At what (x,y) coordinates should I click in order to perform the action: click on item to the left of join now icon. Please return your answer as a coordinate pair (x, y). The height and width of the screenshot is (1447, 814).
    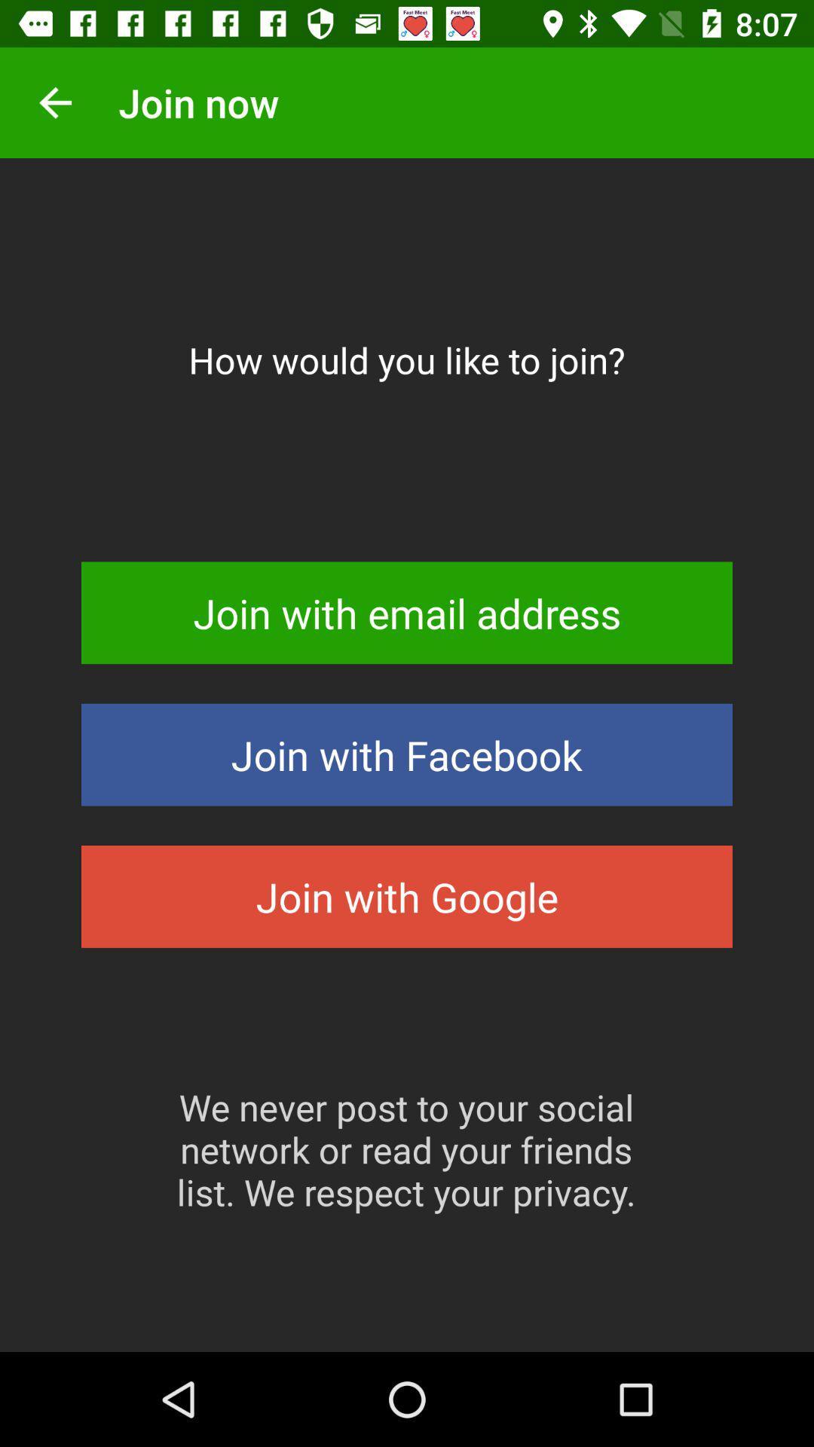
    Looking at the image, I should click on (54, 102).